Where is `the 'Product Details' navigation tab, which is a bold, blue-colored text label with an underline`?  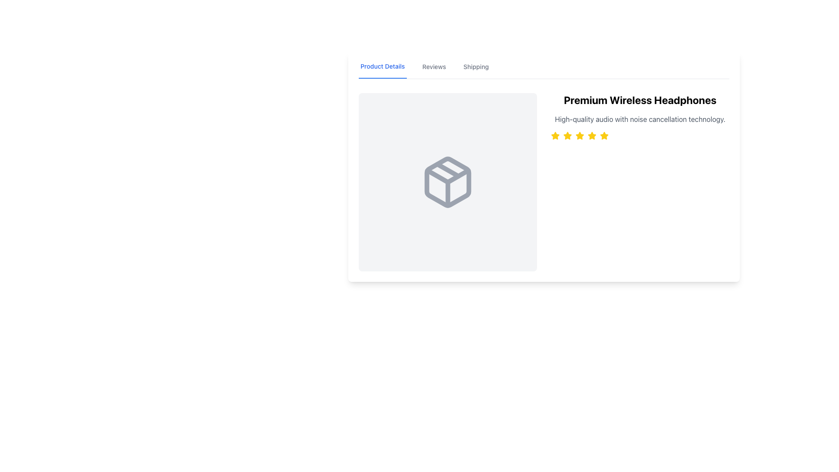
the 'Product Details' navigation tab, which is a bold, blue-colored text label with an underline is located at coordinates (382, 70).